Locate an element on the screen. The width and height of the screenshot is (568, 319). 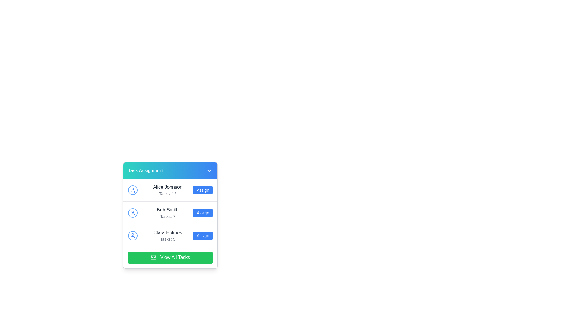
the text display area showing 'Clara Holmes' and 'Tasks: 5', located in the third row of the task assignment panel, surrounded by an avatar icon and an 'Assign' button is located at coordinates (167, 235).